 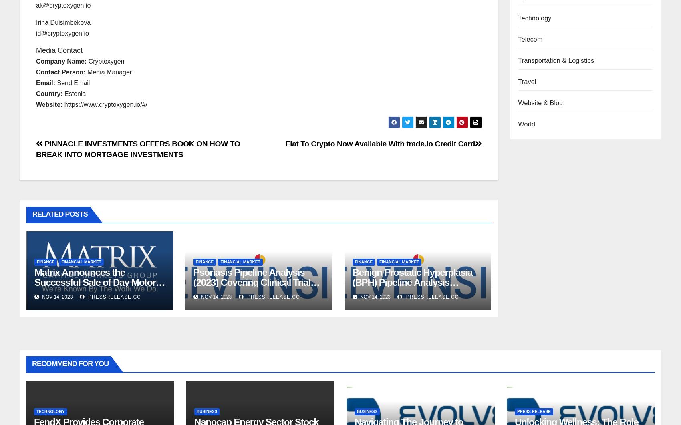 I want to click on 'Media Contact', so click(x=59, y=50).